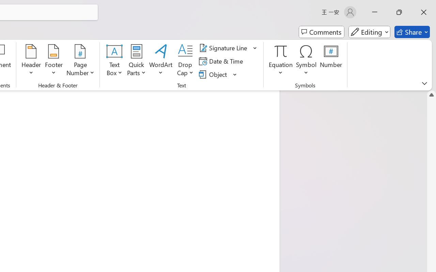  What do you see at coordinates (136, 61) in the screenshot?
I see `'Quick Parts'` at bounding box center [136, 61].